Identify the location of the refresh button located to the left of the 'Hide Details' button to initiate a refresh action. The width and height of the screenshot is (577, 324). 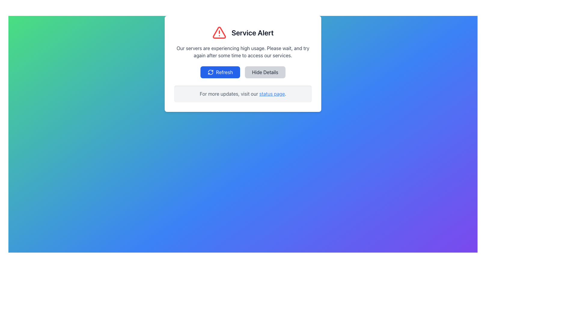
(220, 72).